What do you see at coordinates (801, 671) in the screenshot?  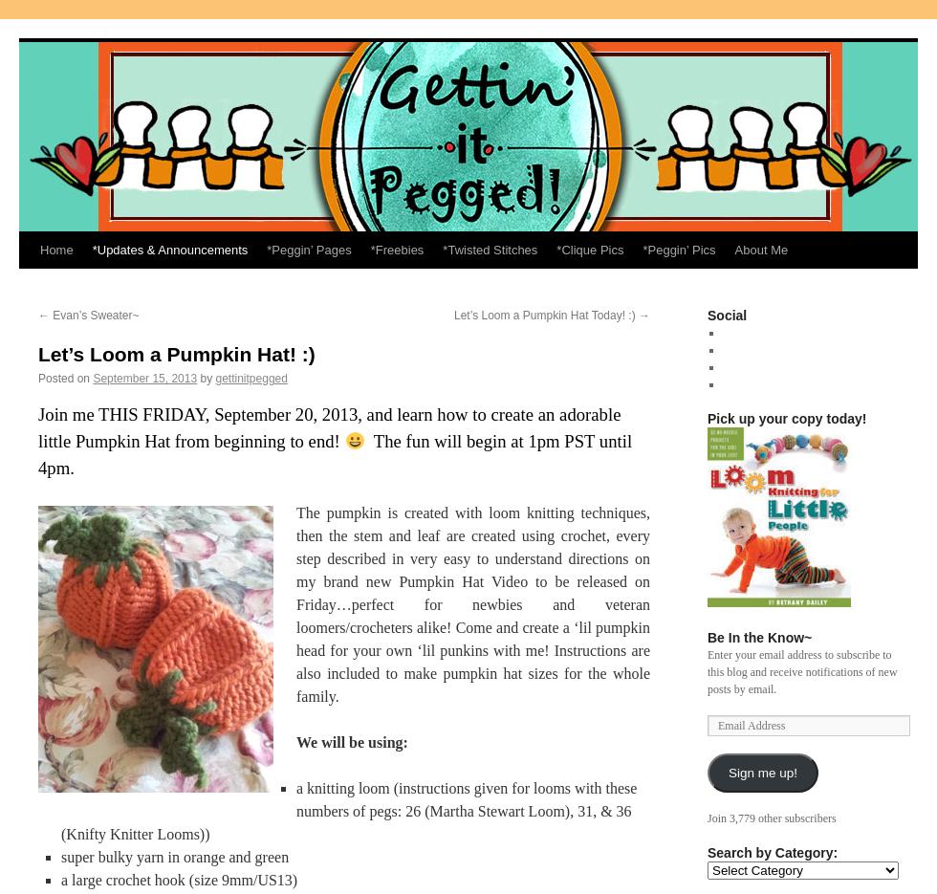 I see `'Enter your email address to subscribe to this blog and receive notifications of new posts by email.'` at bounding box center [801, 671].